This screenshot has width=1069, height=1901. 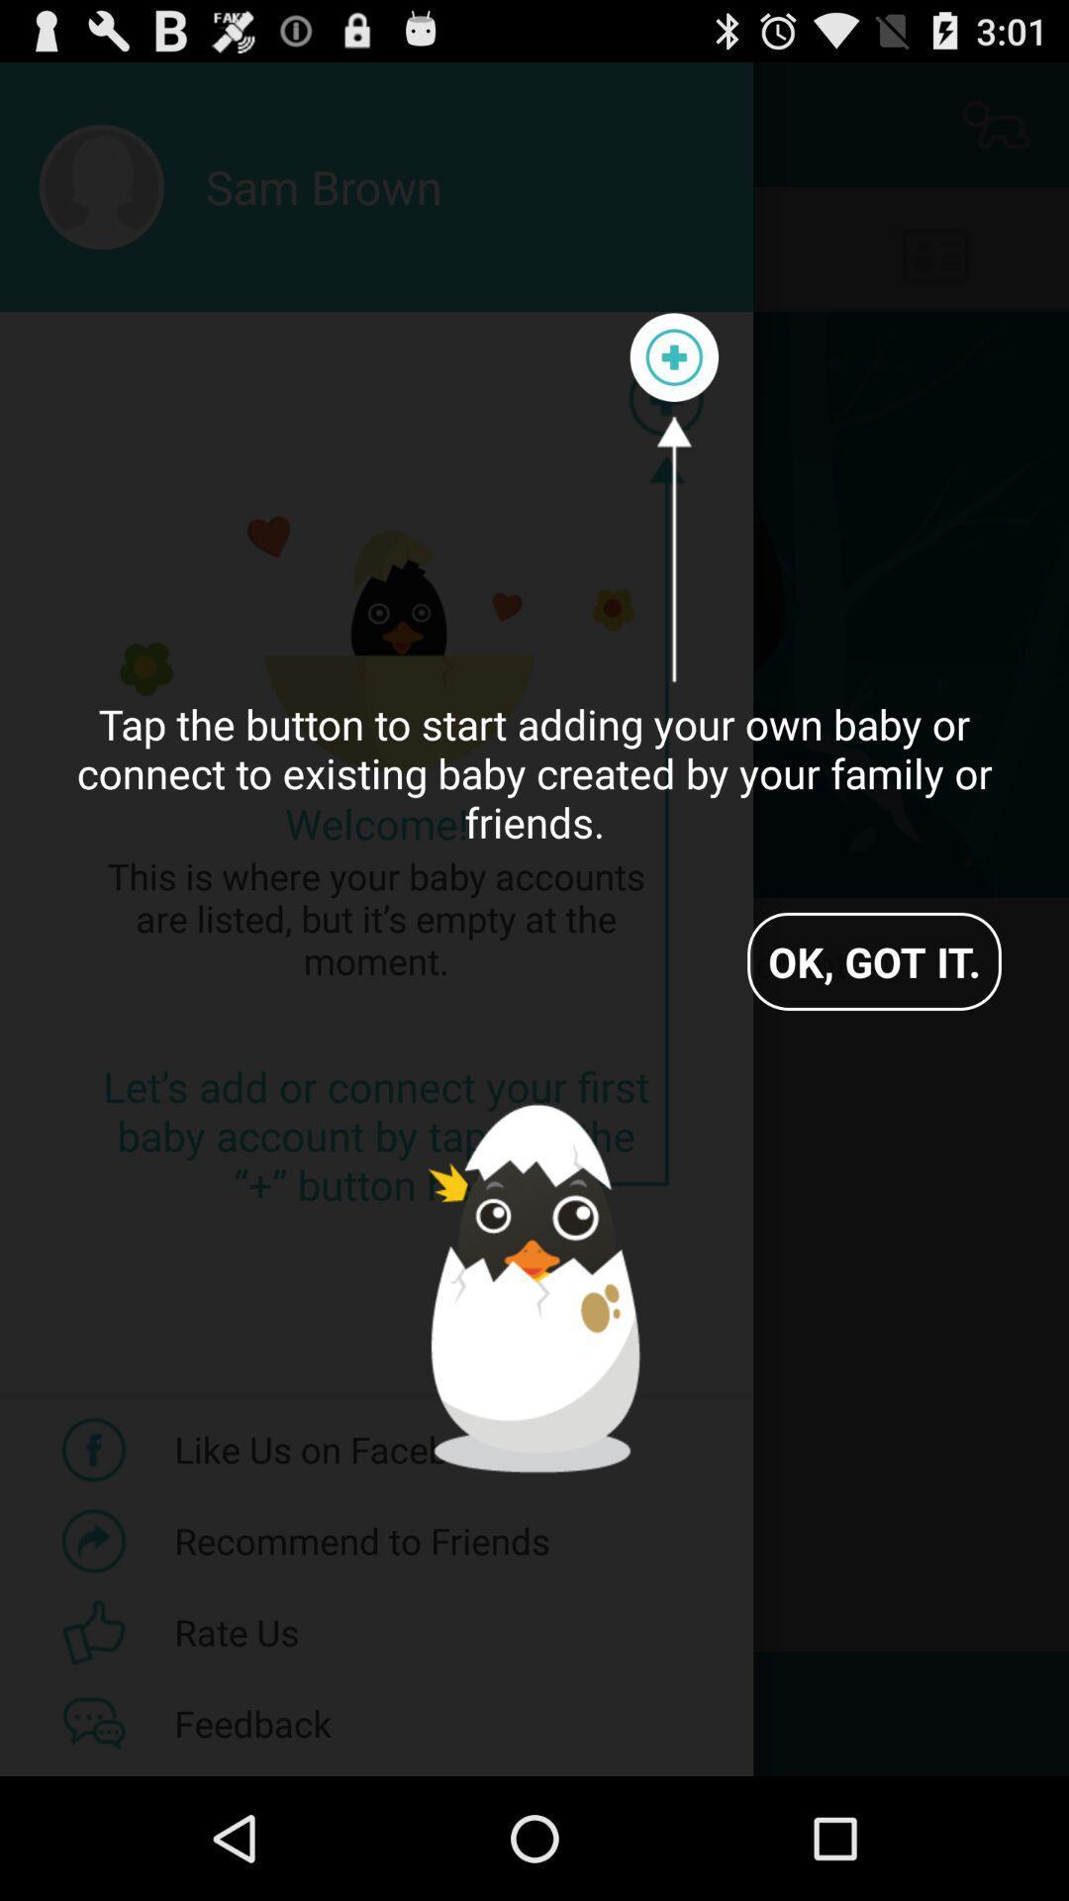 I want to click on the app below the tap the button icon, so click(x=873, y=961).